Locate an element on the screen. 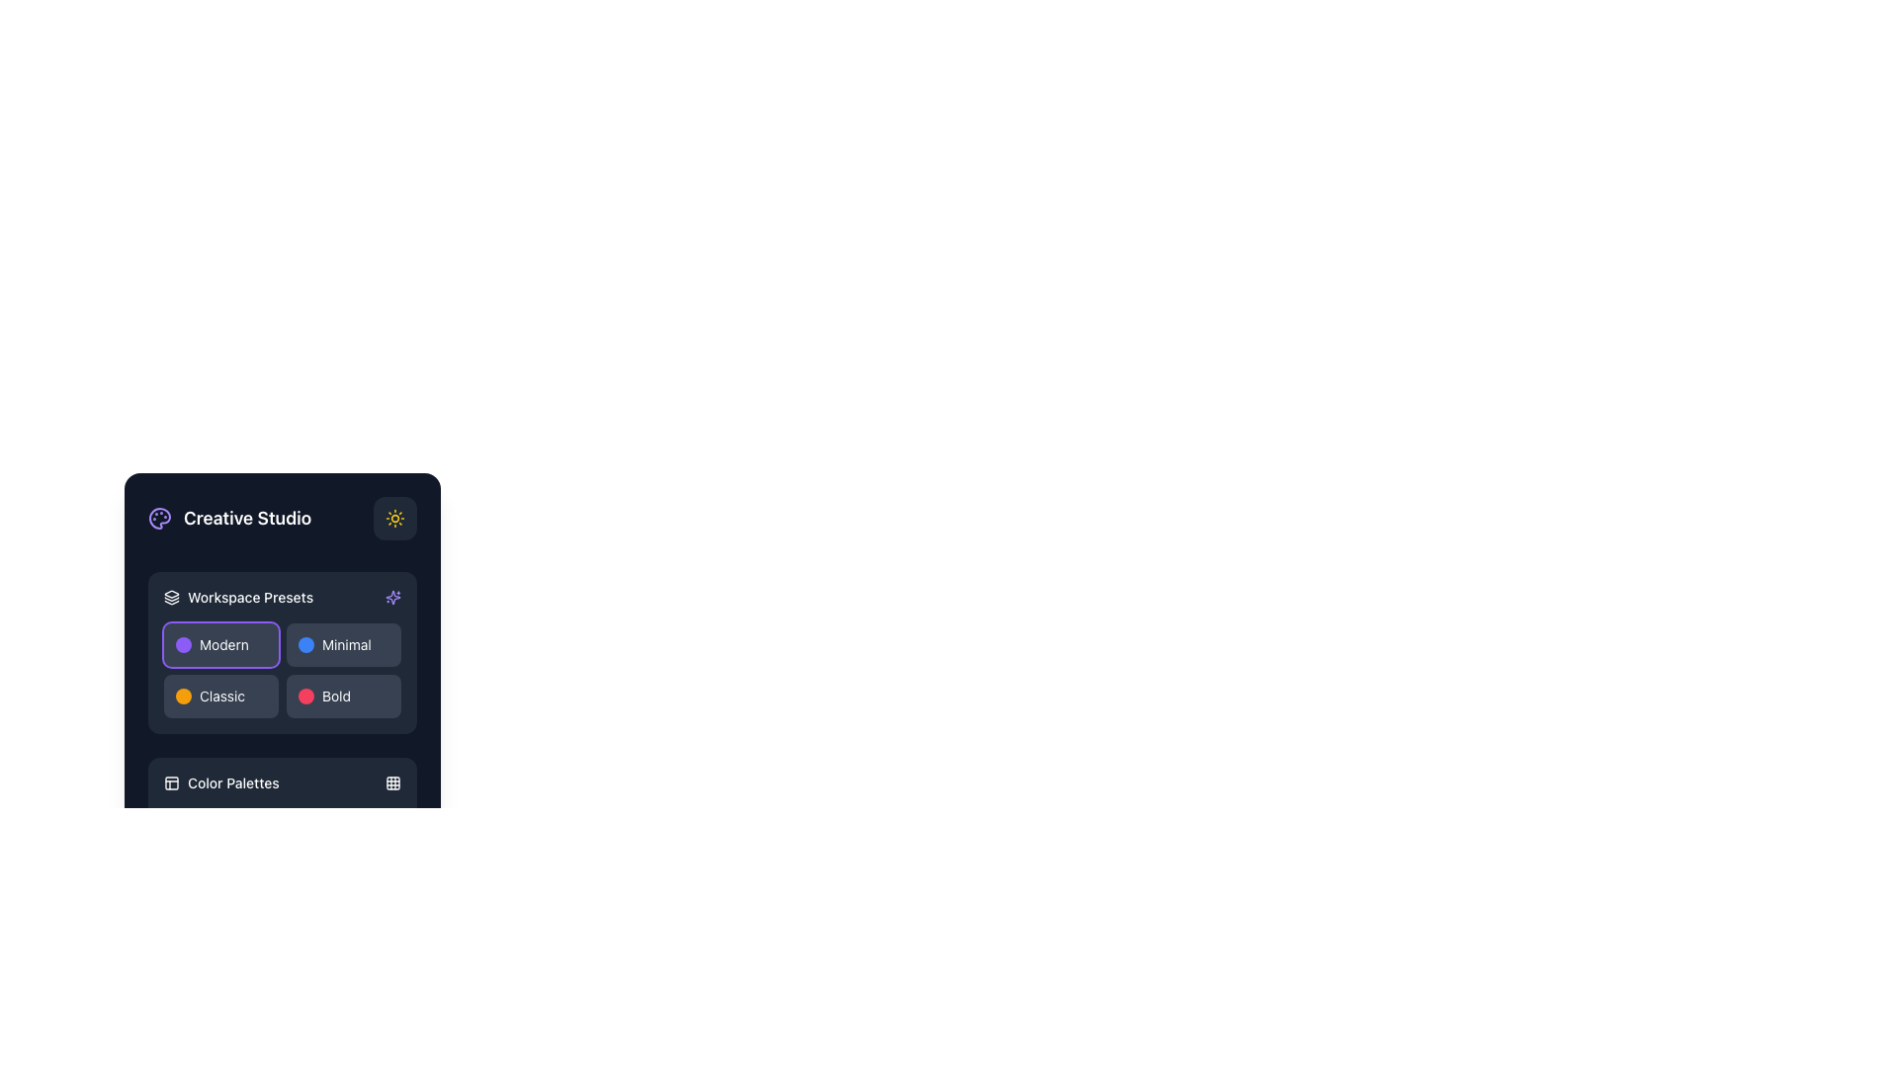 Image resolution: width=1898 pixels, height=1067 pixels. the rectangular button labeled 'Bold' with a circular red icon is located at coordinates (343, 696).